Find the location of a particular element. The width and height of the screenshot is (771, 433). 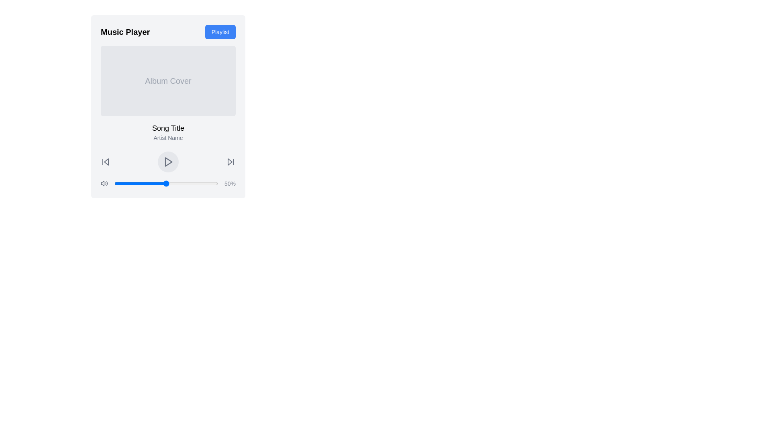

displayed text from the 'Artist Name' label, which is a small gray text located beneath the 'Song Title' in the music player interface is located at coordinates (167, 137).